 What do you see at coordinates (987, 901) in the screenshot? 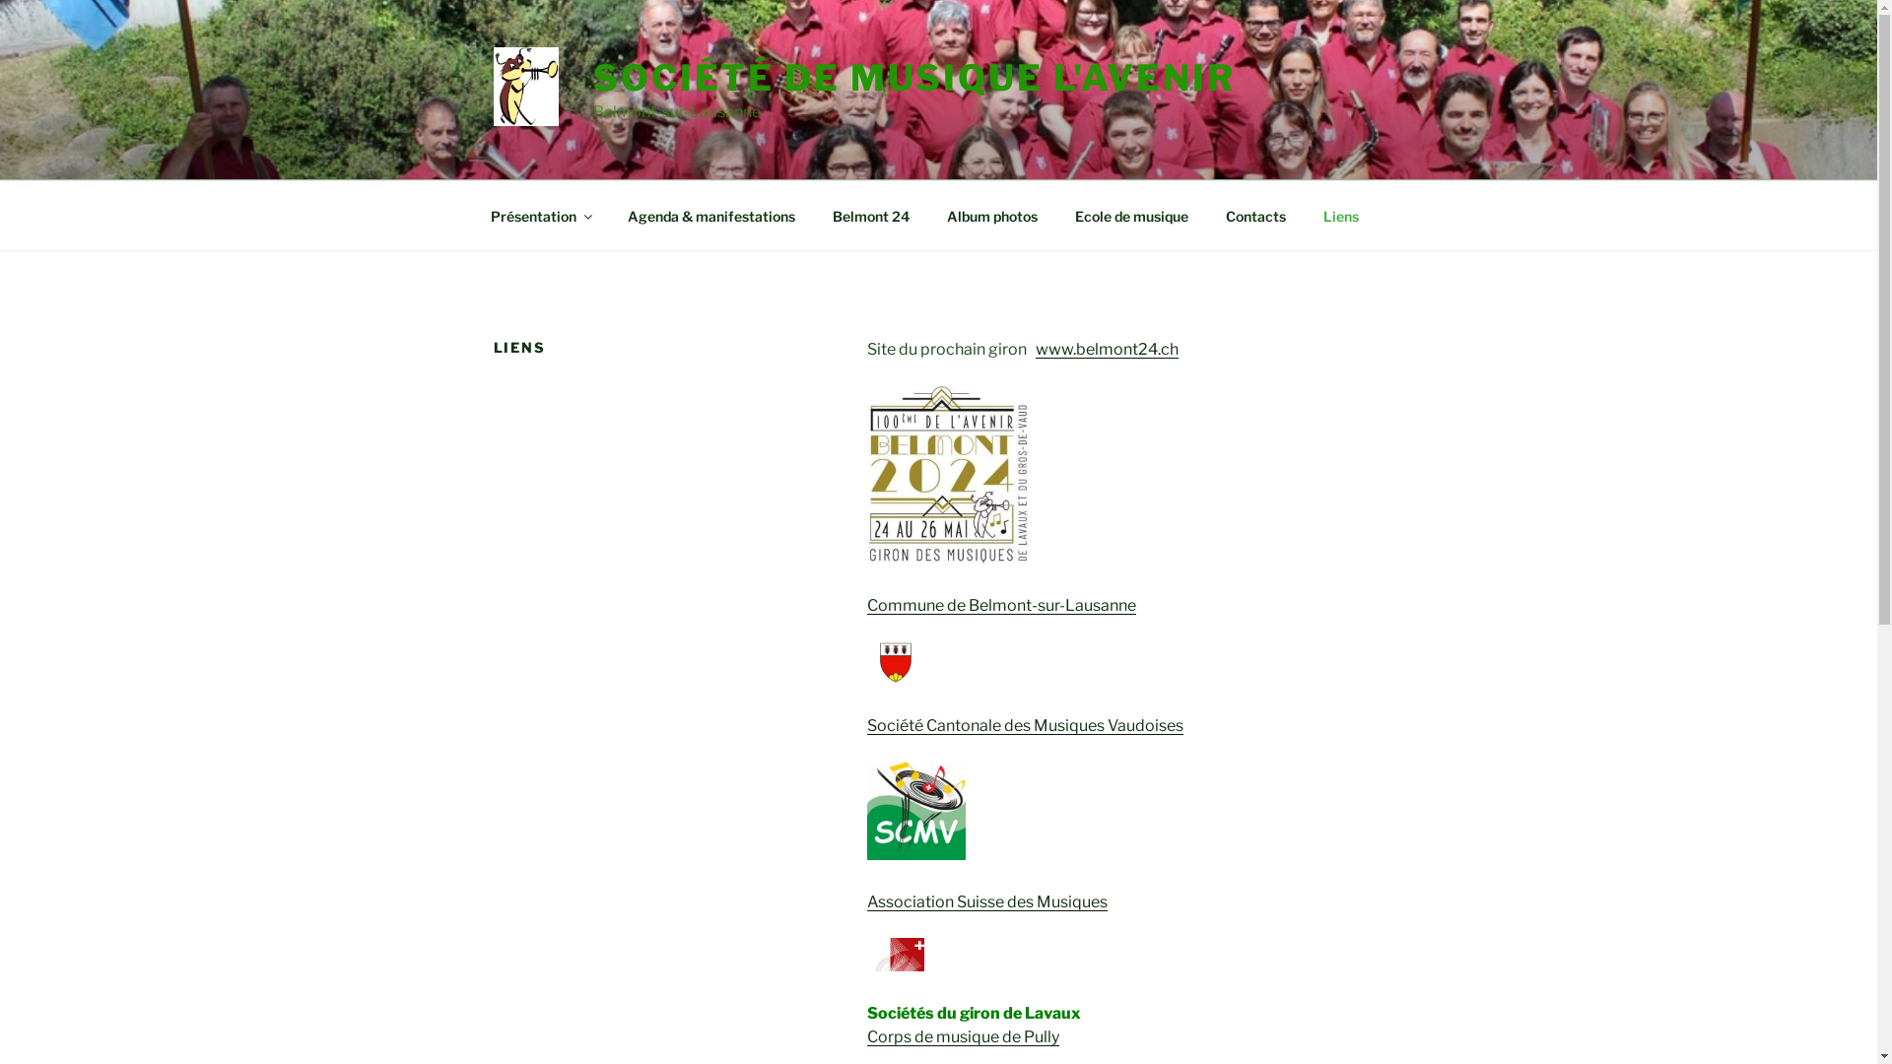
I see `'Association Suisse des Musiques'` at bounding box center [987, 901].